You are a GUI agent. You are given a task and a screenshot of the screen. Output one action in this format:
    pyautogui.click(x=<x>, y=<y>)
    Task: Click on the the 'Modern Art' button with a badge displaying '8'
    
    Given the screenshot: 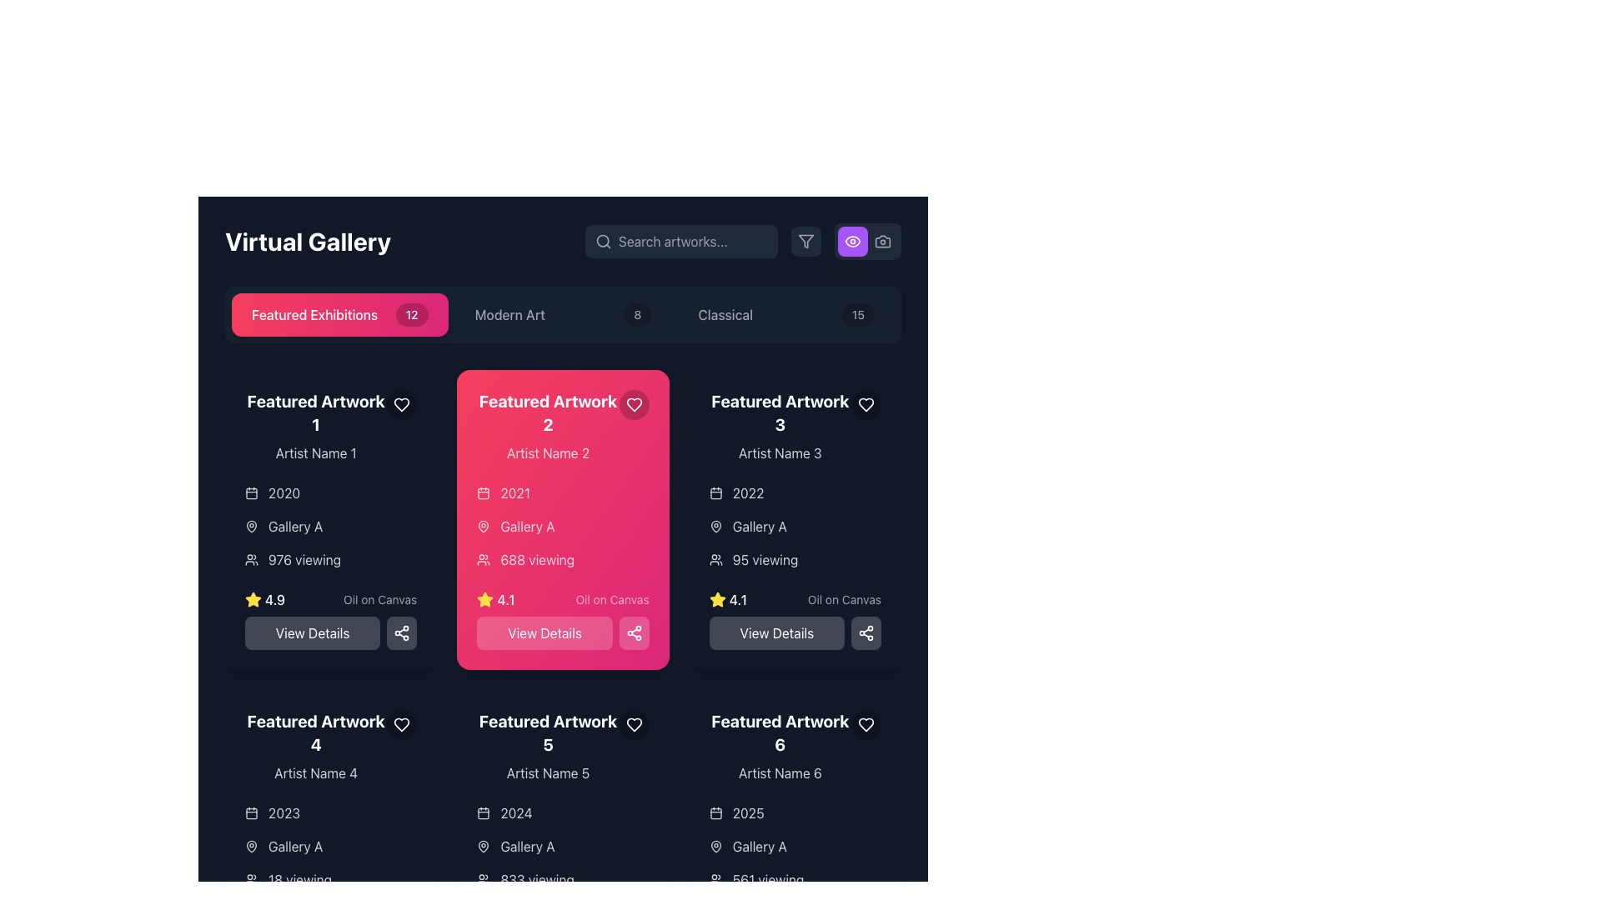 What is the action you would take?
    pyautogui.click(x=563, y=315)
    